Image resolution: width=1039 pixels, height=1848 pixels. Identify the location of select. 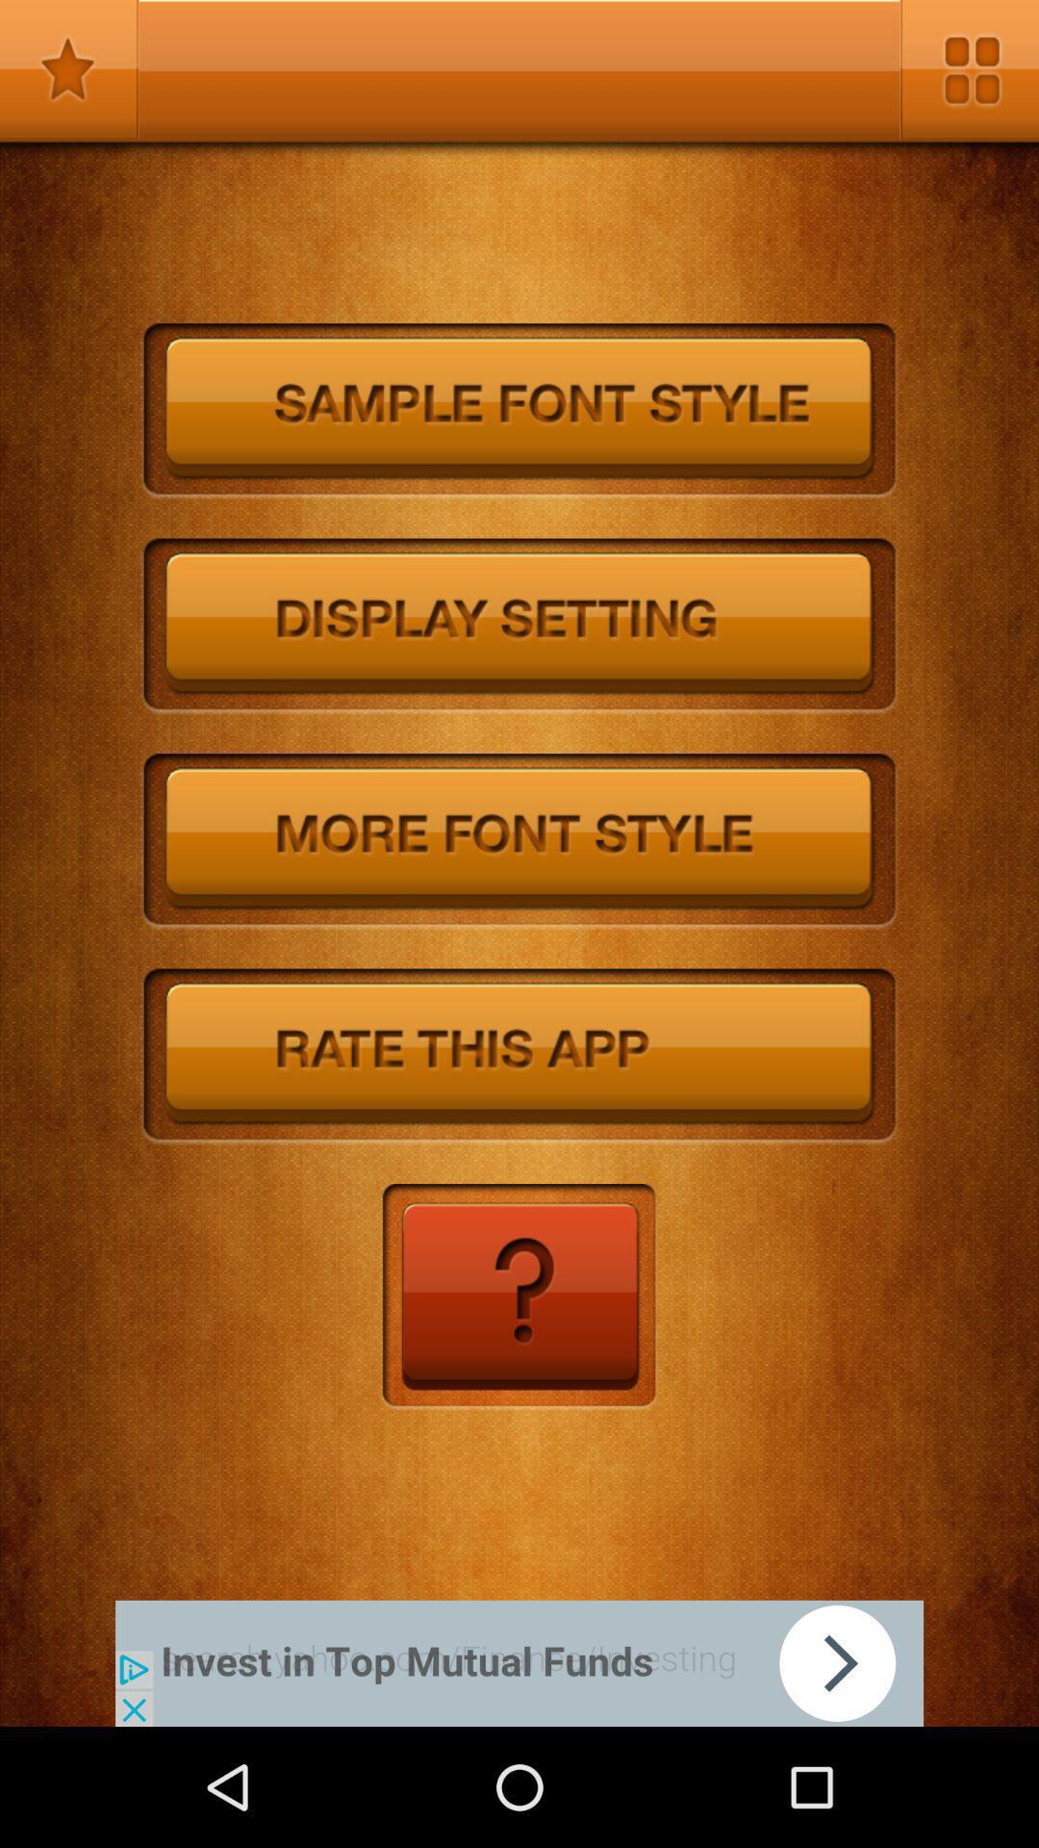
(519, 841).